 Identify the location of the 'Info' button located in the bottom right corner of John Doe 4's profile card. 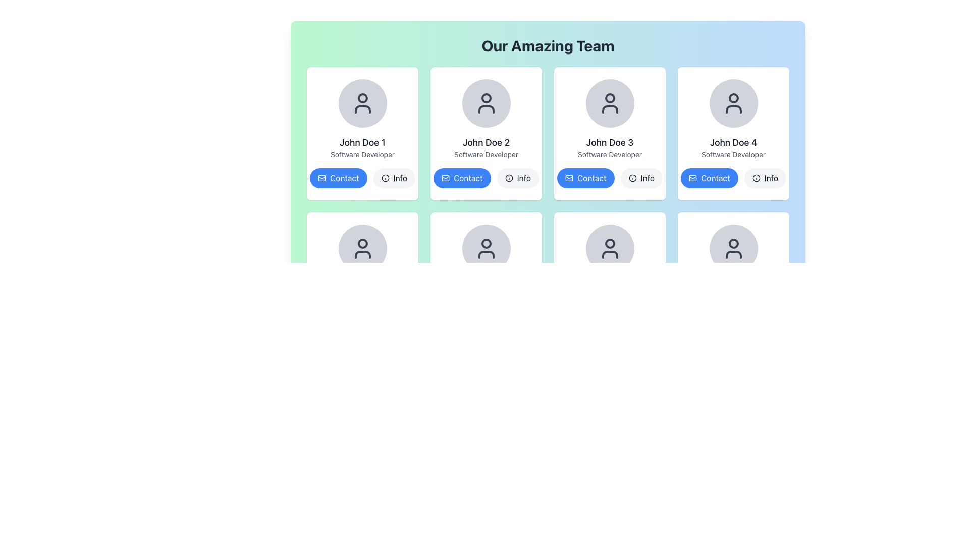
(765, 178).